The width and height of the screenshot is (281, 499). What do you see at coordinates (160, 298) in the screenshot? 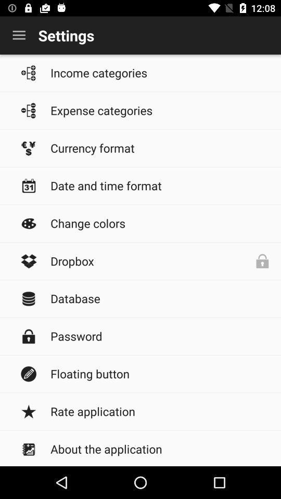
I see `item below the dropbox` at bounding box center [160, 298].